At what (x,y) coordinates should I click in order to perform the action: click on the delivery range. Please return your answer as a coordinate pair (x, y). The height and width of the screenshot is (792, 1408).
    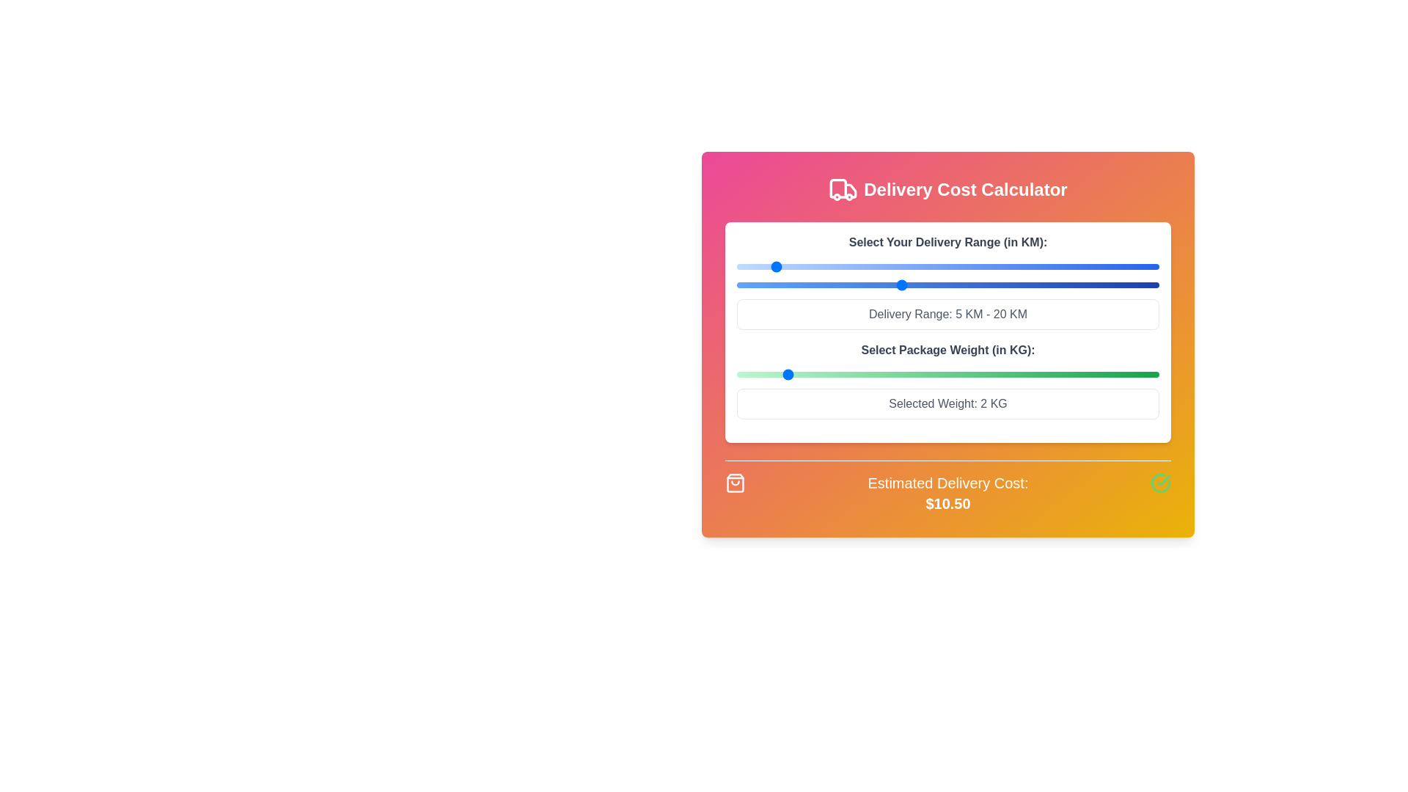
    Looking at the image, I should click on (1064, 266).